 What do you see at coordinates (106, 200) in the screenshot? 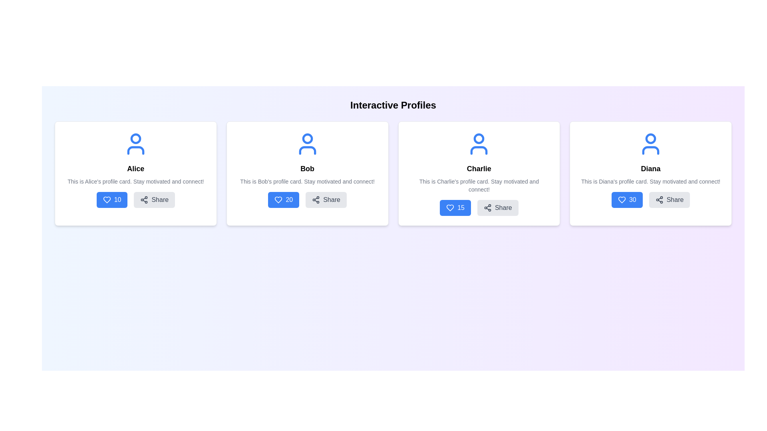
I see `the heart-shaped icon button with a blue background located in the action area of the leftmost card titled 'Alice', positioned to the left of the '10' text and the 'Share' button` at bounding box center [106, 200].